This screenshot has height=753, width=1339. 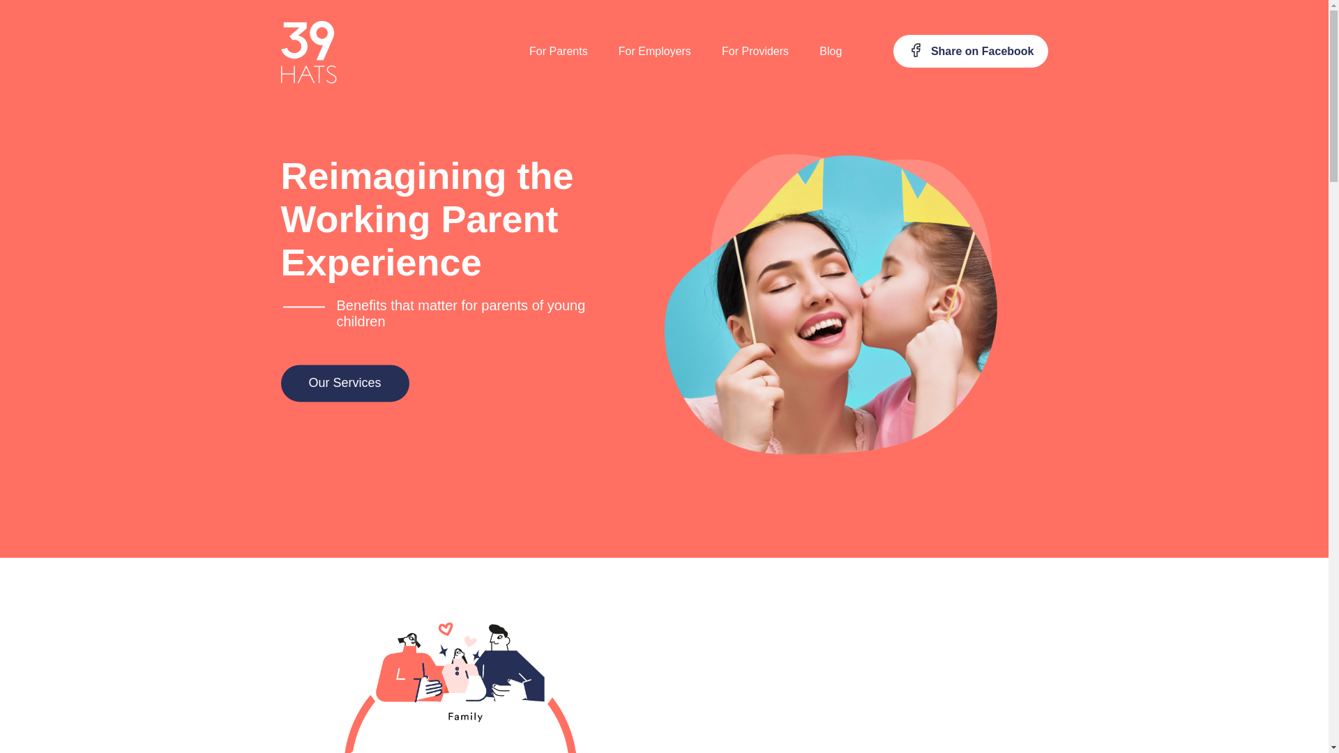 What do you see at coordinates (969, 50) in the screenshot?
I see `'Share on Facebook'` at bounding box center [969, 50].